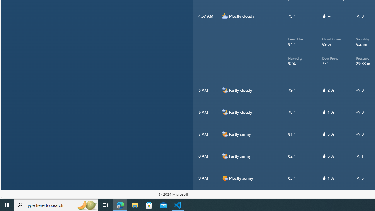 Image resolution: width=375 pixels, height=211 pixels. What do you see at coordinates (358, 178) in the screenshot?
I see `'hourlyTable/uv'` at bounding box center [358, 178].